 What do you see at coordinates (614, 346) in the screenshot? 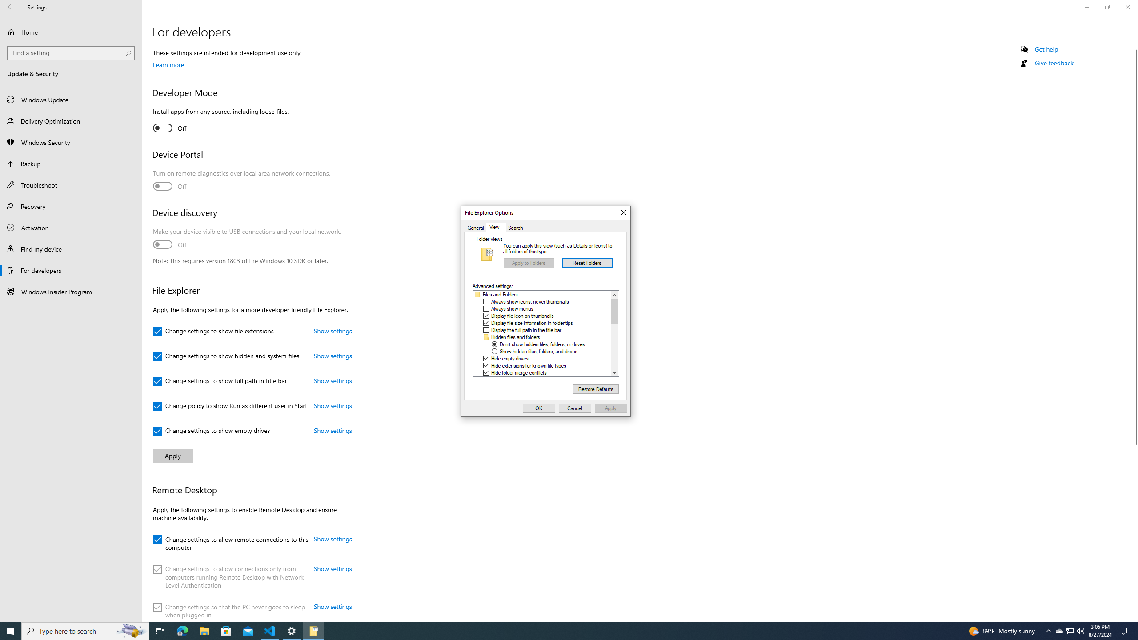
I see `'Page down'` at bounding box center [614, 346].